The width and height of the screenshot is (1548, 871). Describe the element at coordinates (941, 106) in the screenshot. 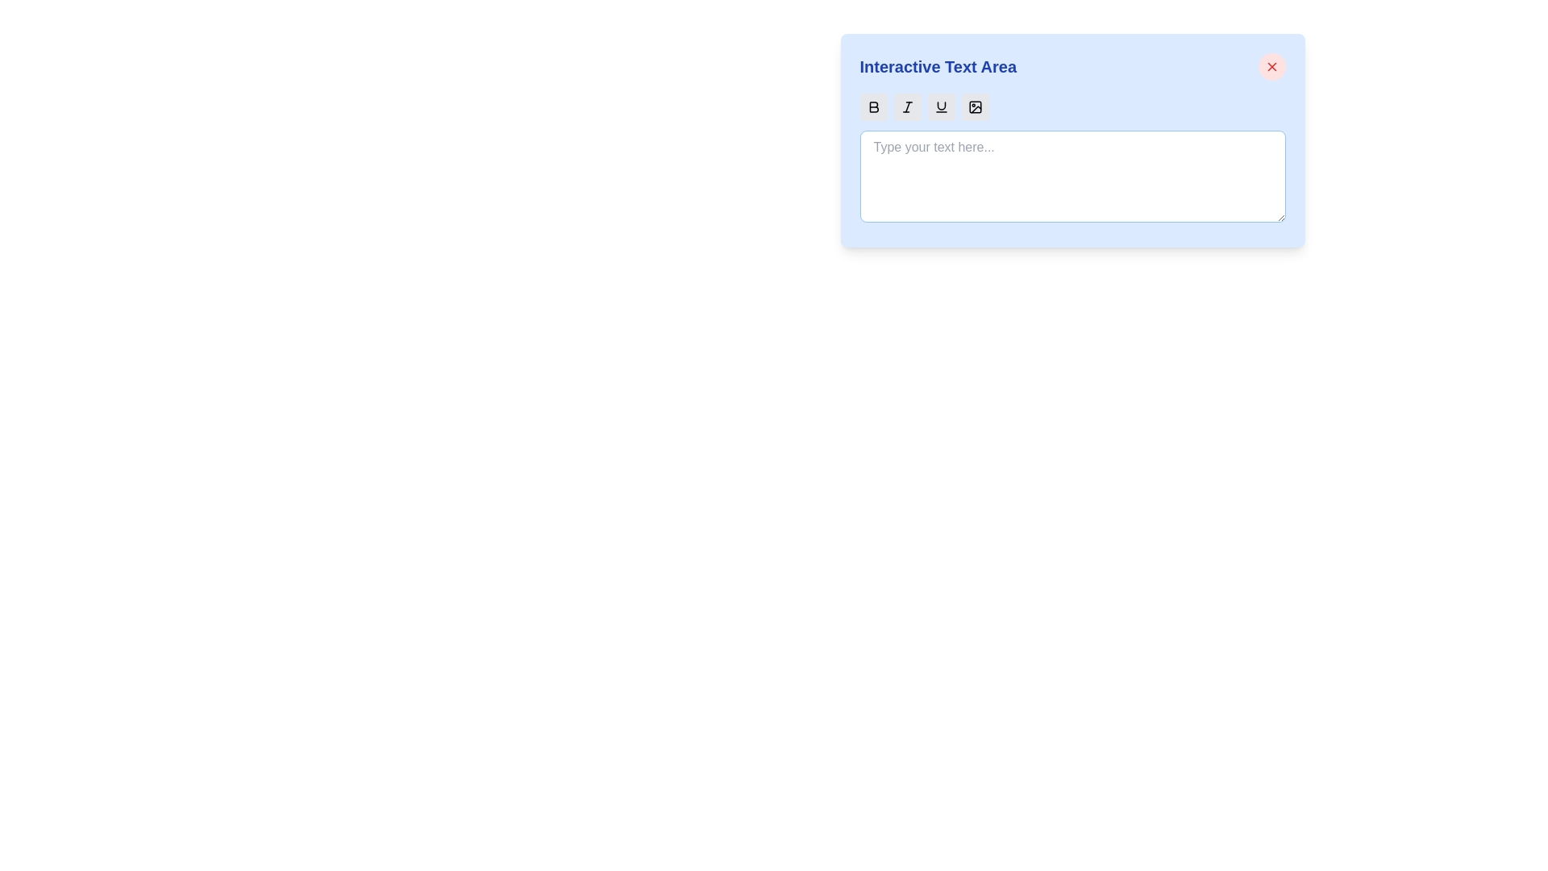

I see `the underline icon, which is part of the formatting options in the interactive toolbar located in the blue box titled 'Interactive Text Area'` at that location.